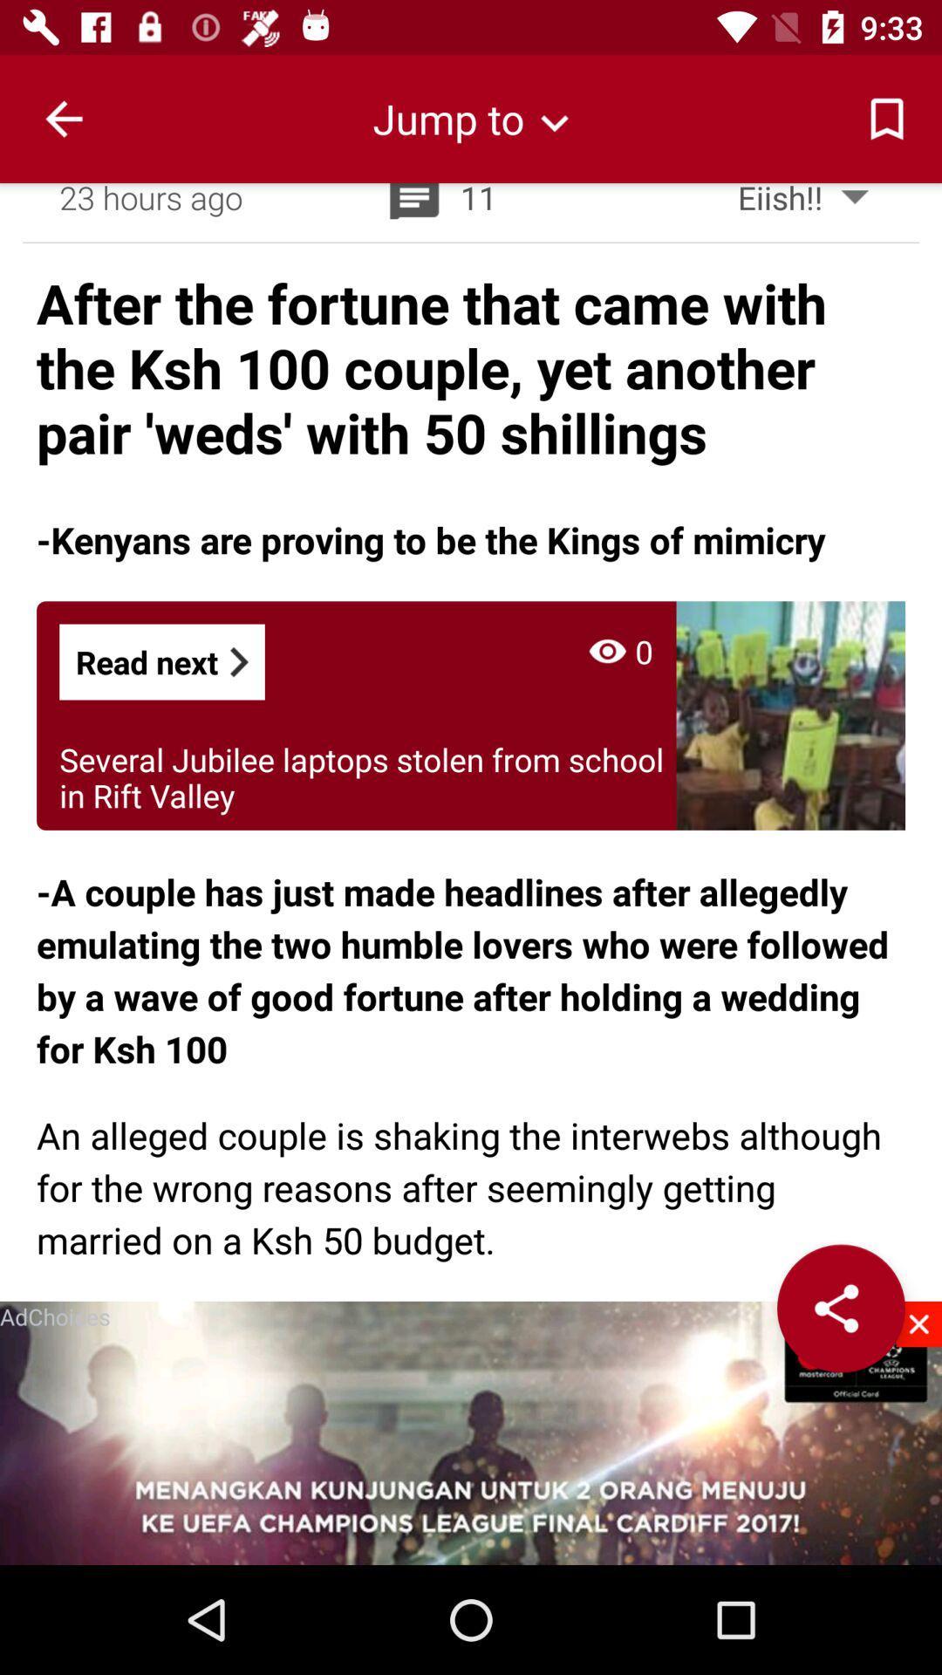 The image size is (942, 1675). Describe the element at coordinates (887, 118) in the screenshot. I see `icon above eiish!! app` at that location.